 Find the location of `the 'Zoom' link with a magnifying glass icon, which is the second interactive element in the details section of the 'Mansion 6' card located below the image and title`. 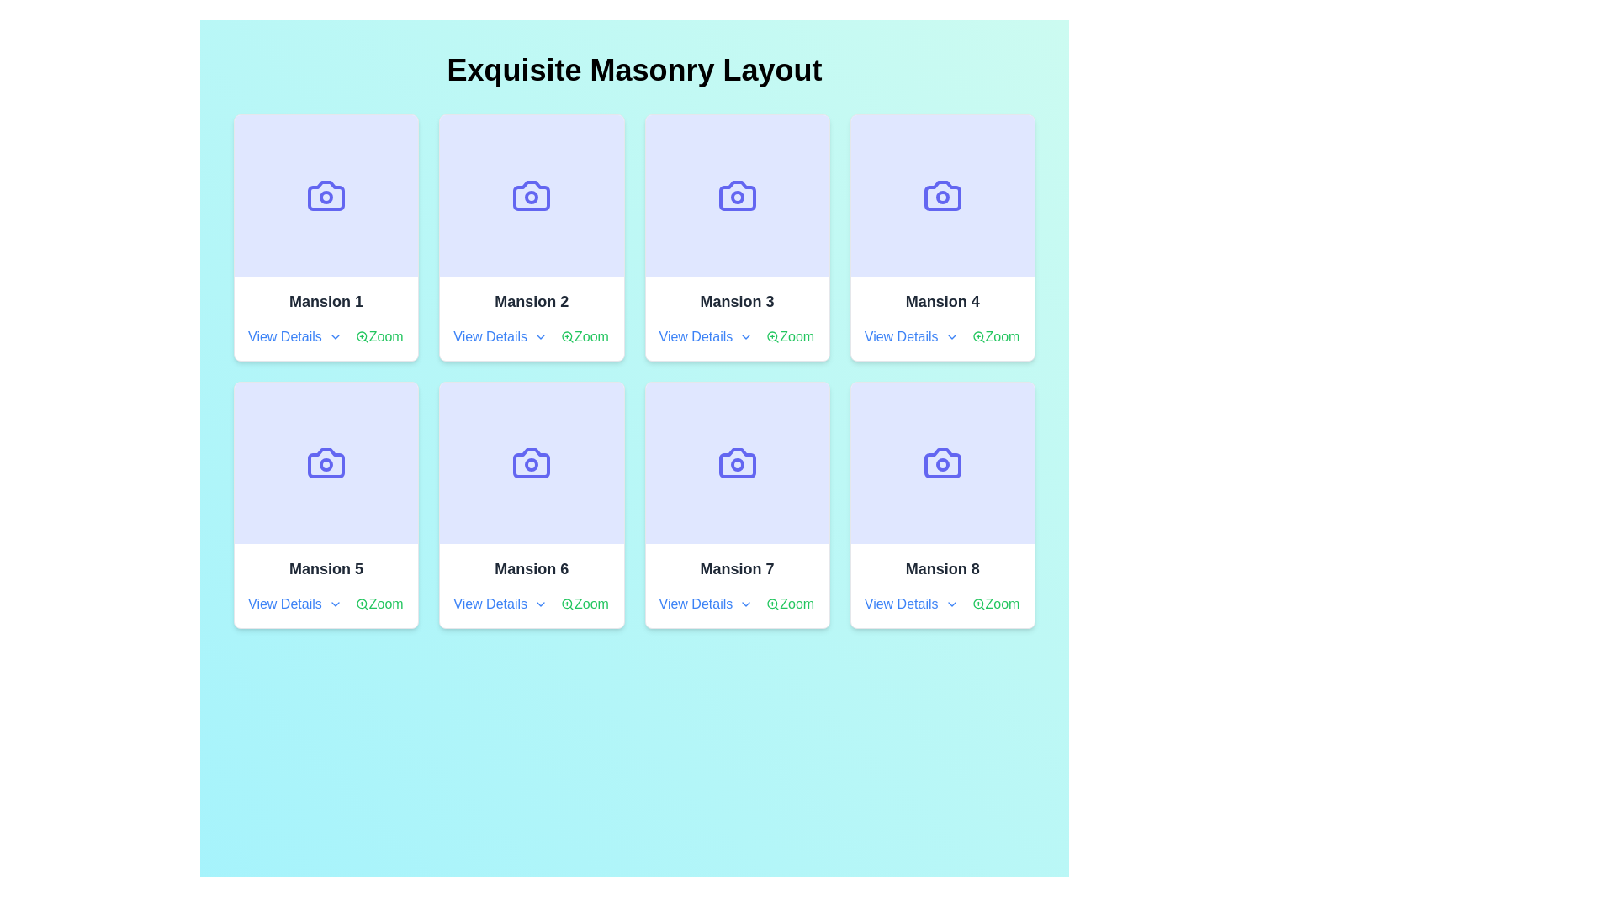

the 'Zoom' link with a magnifying glass icon, which is the second interactive element in the details section of the 'Mansion 6' card located below the image and title is located at coordinates (585, 603).